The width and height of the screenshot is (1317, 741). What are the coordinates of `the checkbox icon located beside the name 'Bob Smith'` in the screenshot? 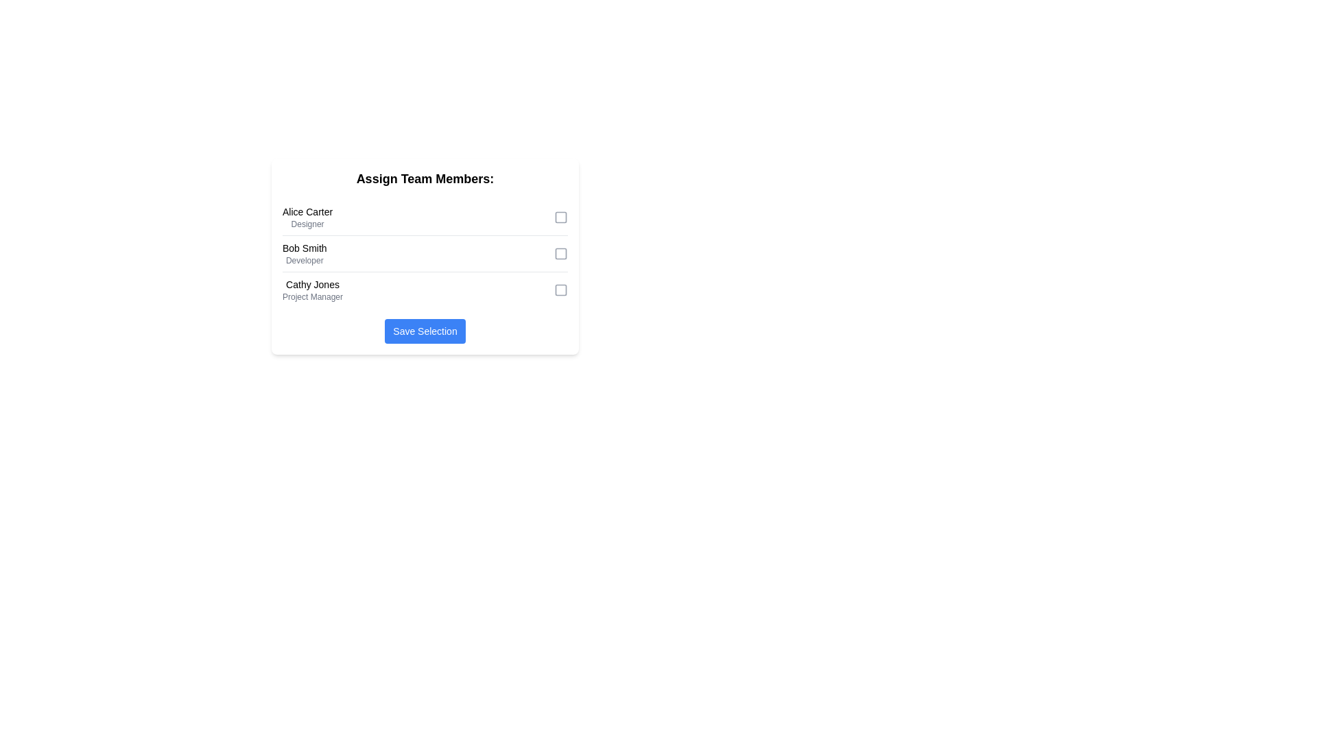 It's located at (560, 254).